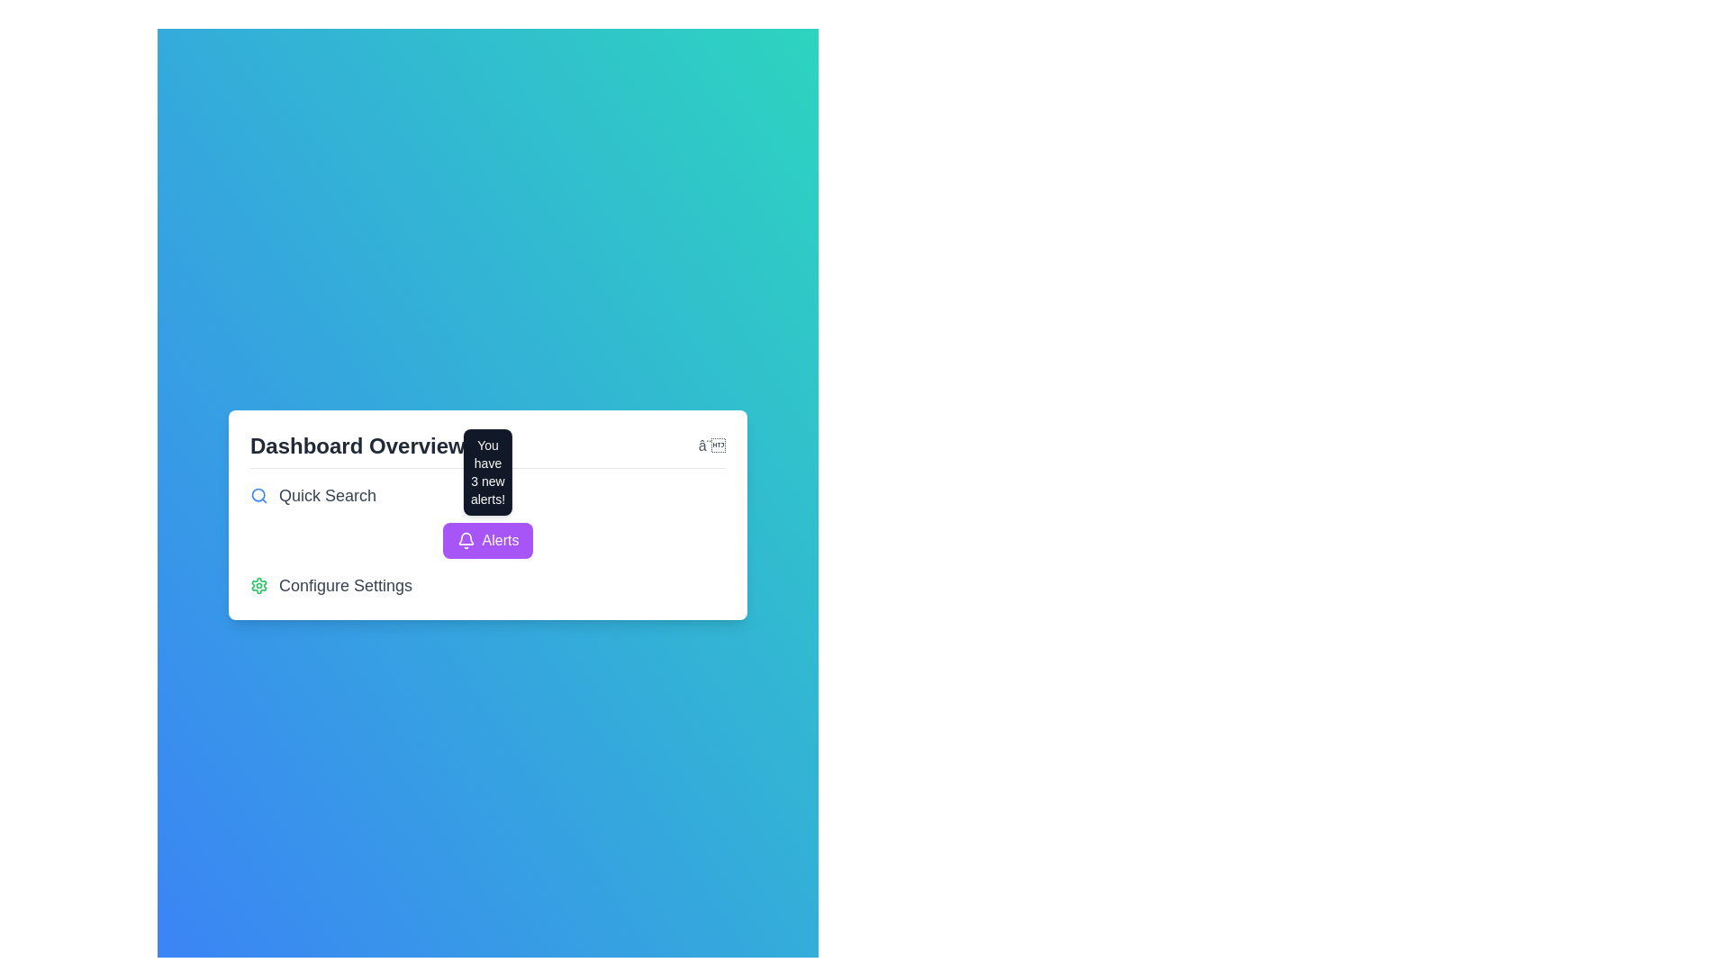 The image size is (1729, 972). Describe the element at coordinates (466, 539) in the screenshot. I see `the bell-shaped icon within the purple 'Alerts' button, which is located at the bottom of the card interface` at that location.